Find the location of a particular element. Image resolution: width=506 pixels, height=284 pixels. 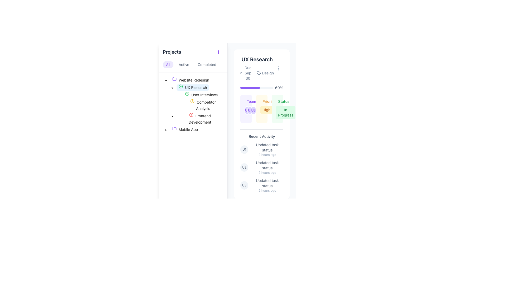

the non-interactive badge component labeled 'High' with an amber background, located in the middle column of a card layout is located at coordinates (262, 108).